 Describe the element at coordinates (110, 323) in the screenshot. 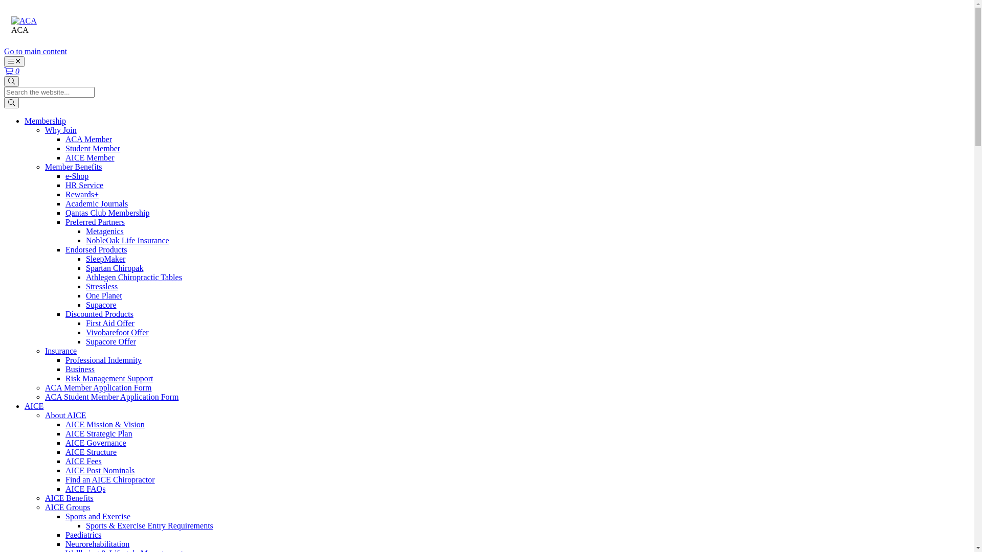

I see `'First Aid Offer'` at that location.